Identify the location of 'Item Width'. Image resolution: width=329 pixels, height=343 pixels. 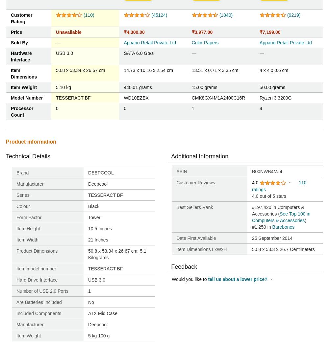
(16, 240).